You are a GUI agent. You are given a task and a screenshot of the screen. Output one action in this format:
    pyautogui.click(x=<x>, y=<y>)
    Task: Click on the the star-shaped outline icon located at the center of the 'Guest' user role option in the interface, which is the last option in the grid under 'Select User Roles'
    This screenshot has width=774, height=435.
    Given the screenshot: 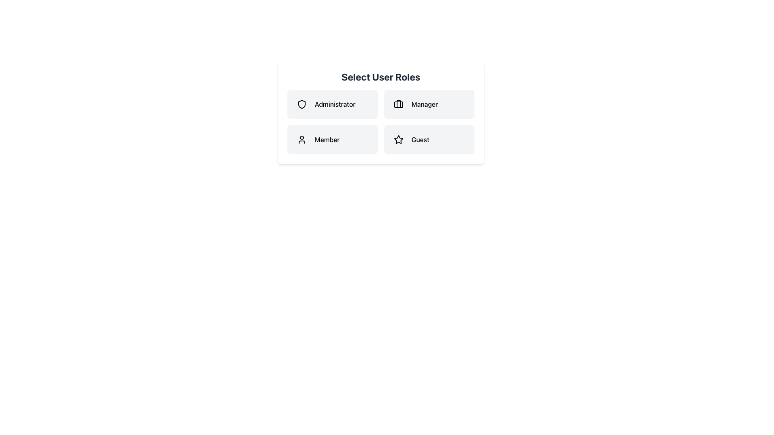 What is the action you would take?
    pyautogui.click(x=398, y=139)
    